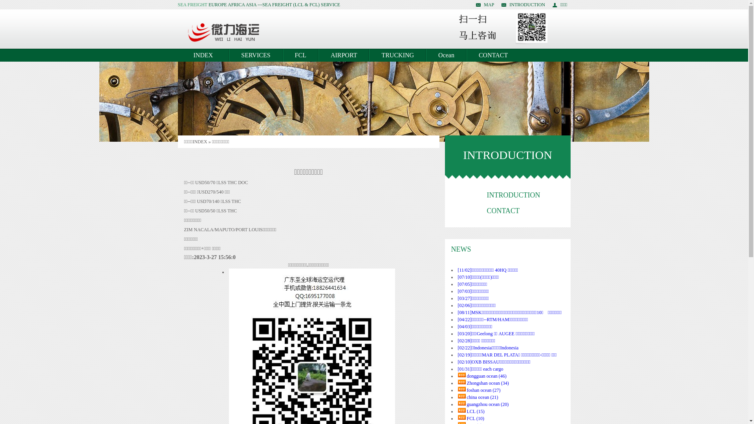  What do you see at coordinates (523, 4) in the screenshot?
I see `'INTRODUCTION'` at bounding box center [523, 4].